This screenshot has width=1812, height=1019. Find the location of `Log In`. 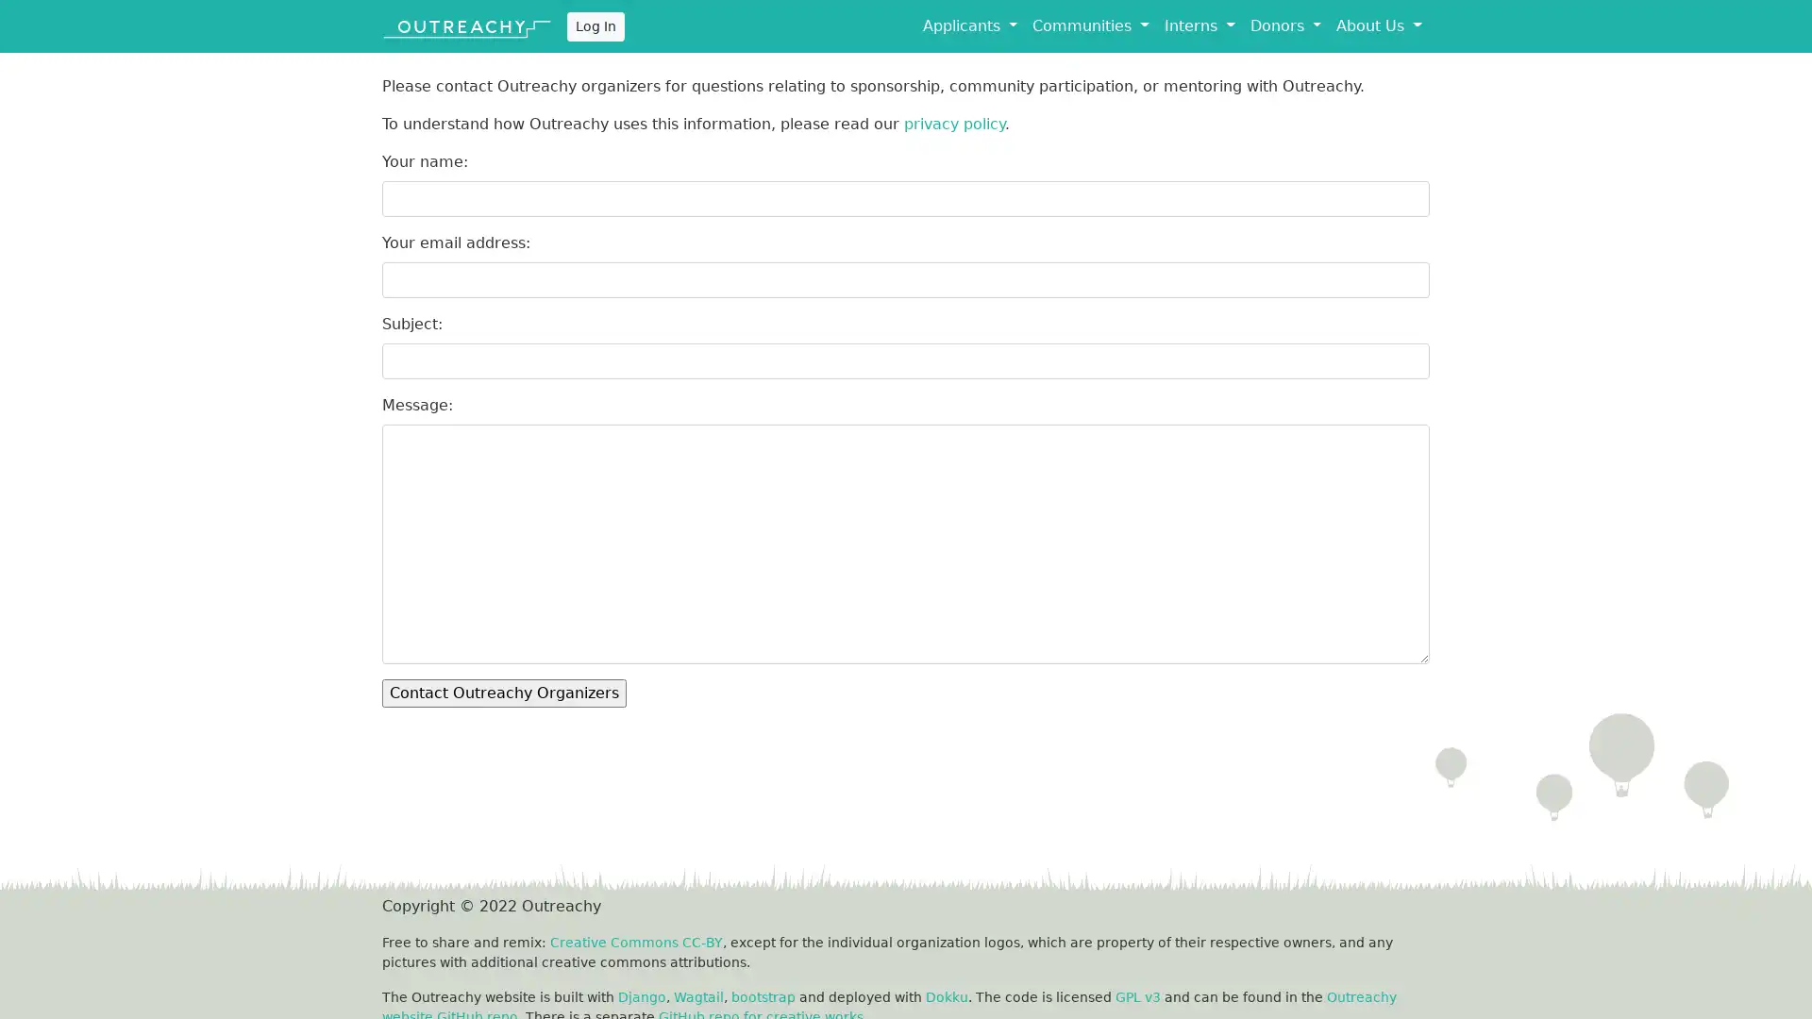

Log In is located at coordinates (595, 25).